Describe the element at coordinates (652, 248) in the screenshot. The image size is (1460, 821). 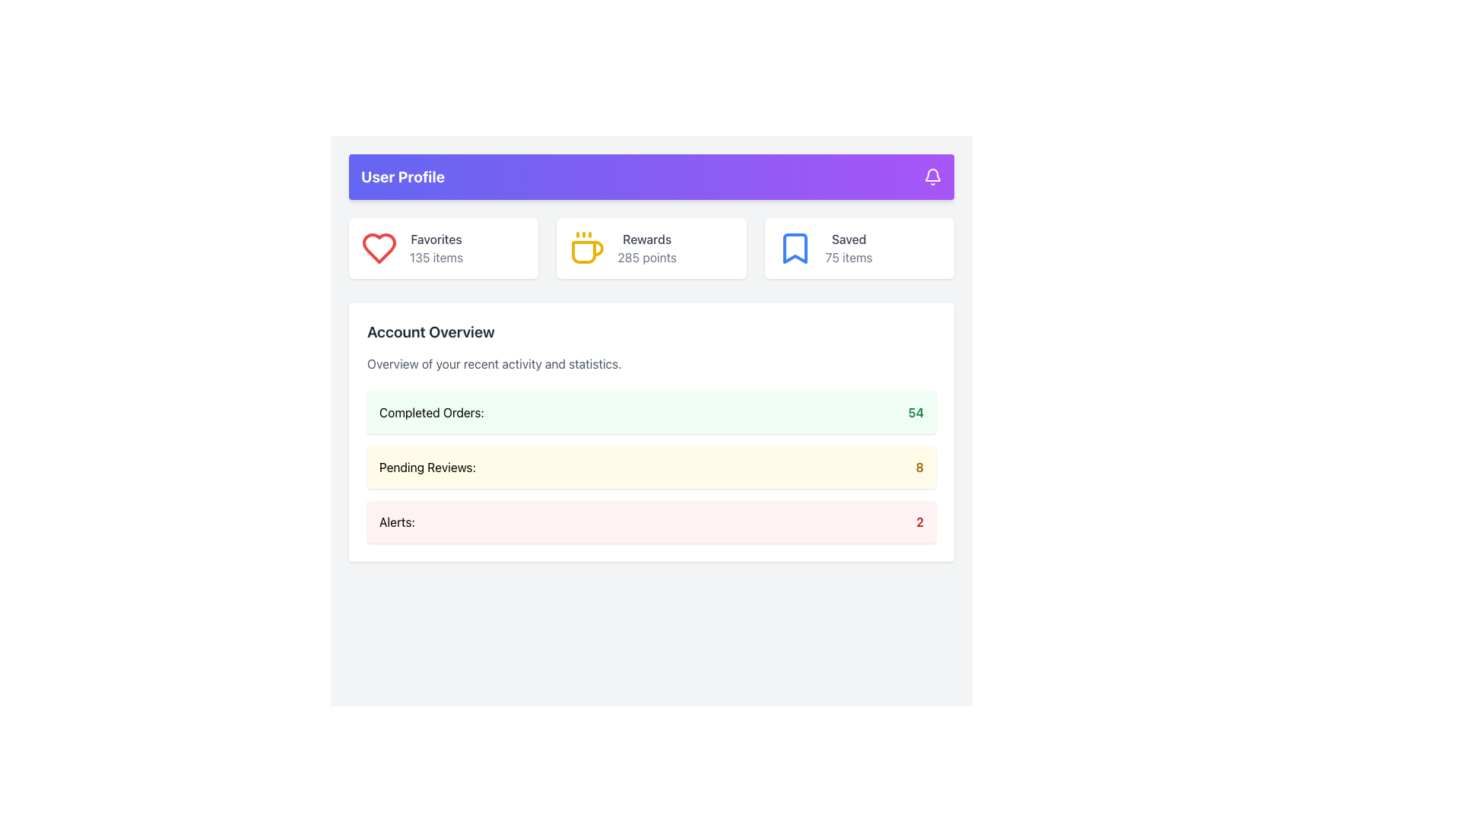
I see `an icon within the grouped information display component that shows user-specific metrics, located below the 'User Profile' header and above the 'Account Overview' section` at that location.